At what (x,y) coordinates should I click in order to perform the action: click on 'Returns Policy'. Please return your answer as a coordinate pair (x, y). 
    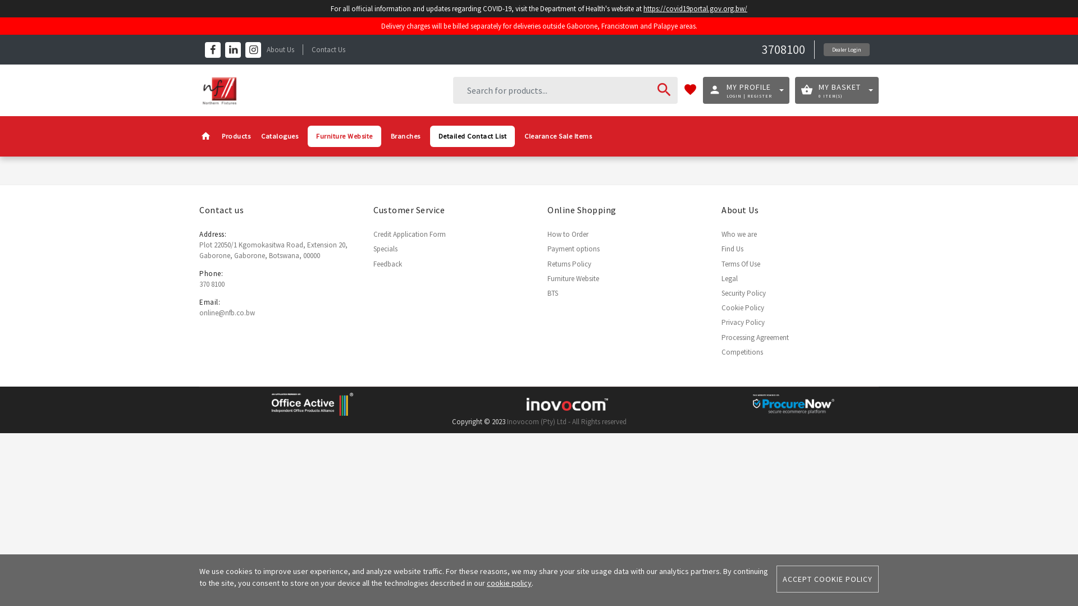
    Looking at the image, I should click on (569, 264).